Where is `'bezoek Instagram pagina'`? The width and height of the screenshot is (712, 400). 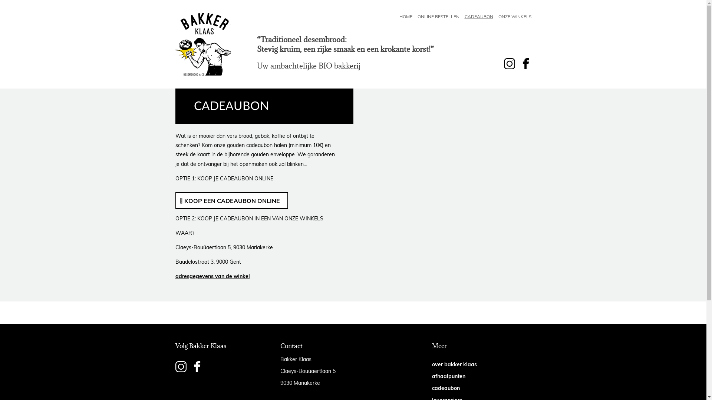 'bezoek Instagram pagina' is located at coordinates (174, 367).